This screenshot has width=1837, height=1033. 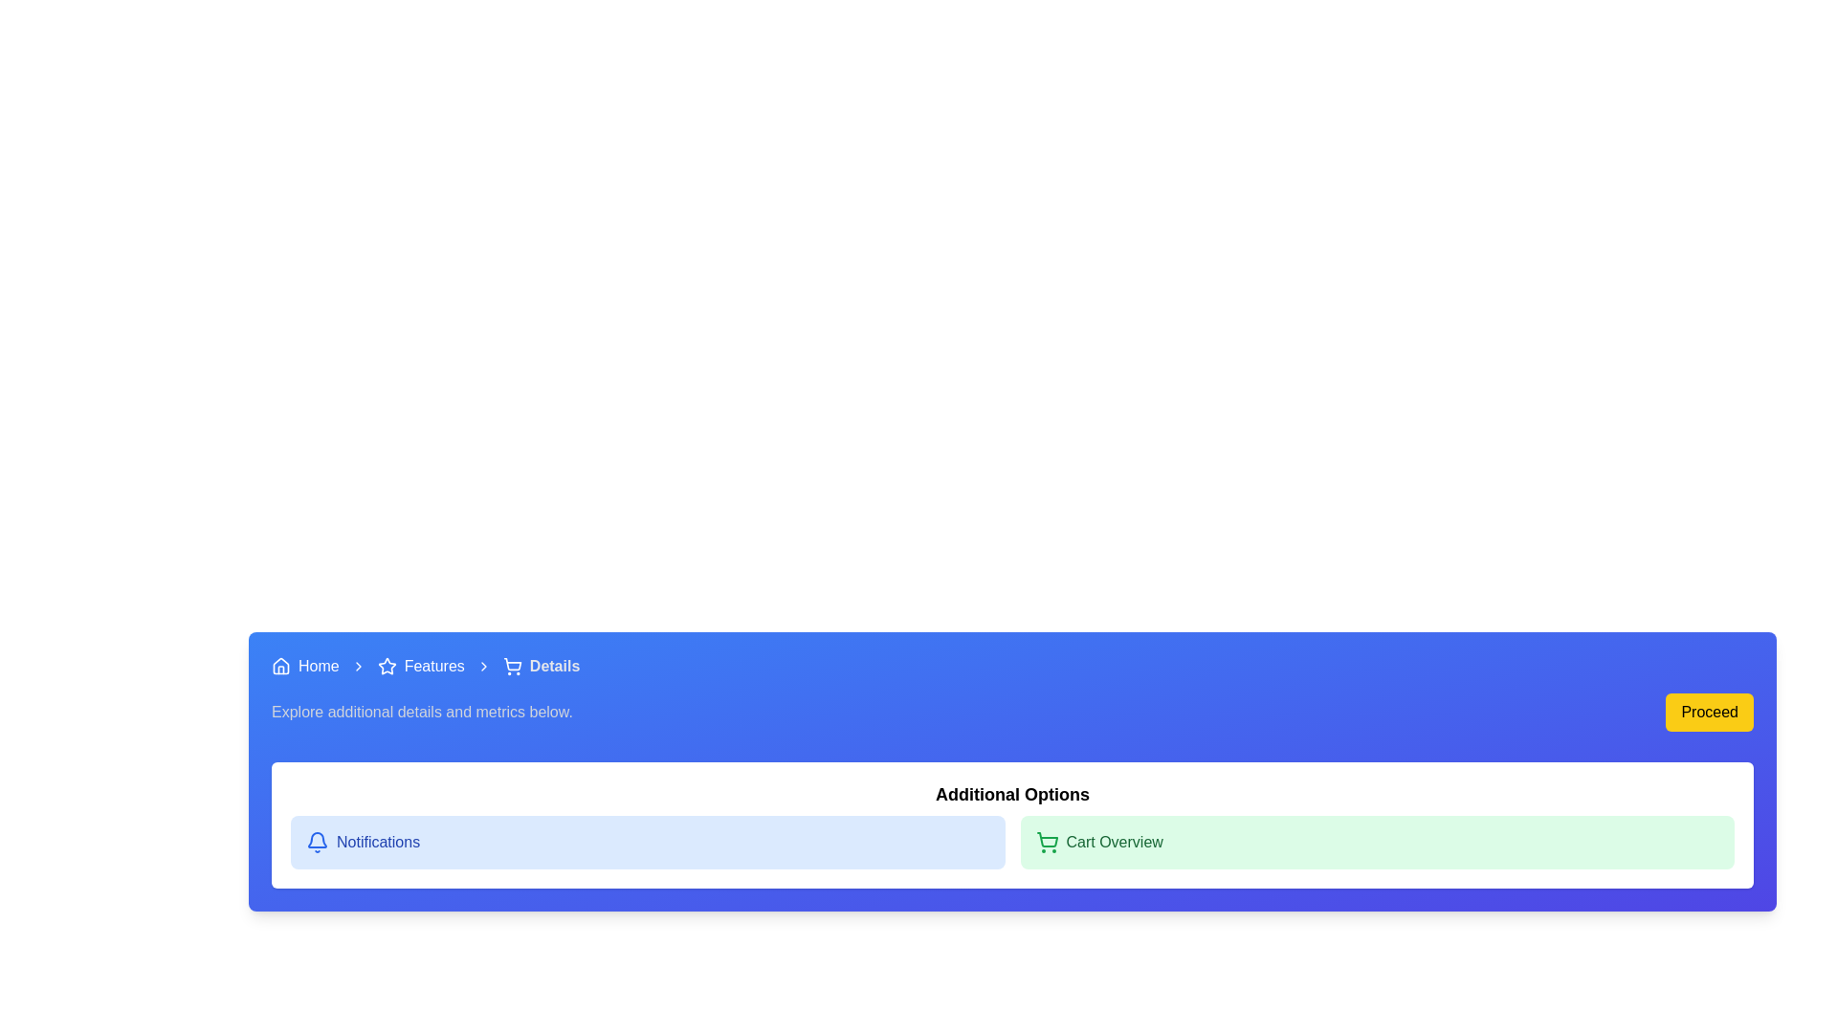 What do you see at coordinates (1011, 794) in the screenshot?
I see `the header label 'Additional Options', which serves as a title for the subsequent sections 'Notifications' and 'Cart Overview'` at bounding box center [1011, 794].